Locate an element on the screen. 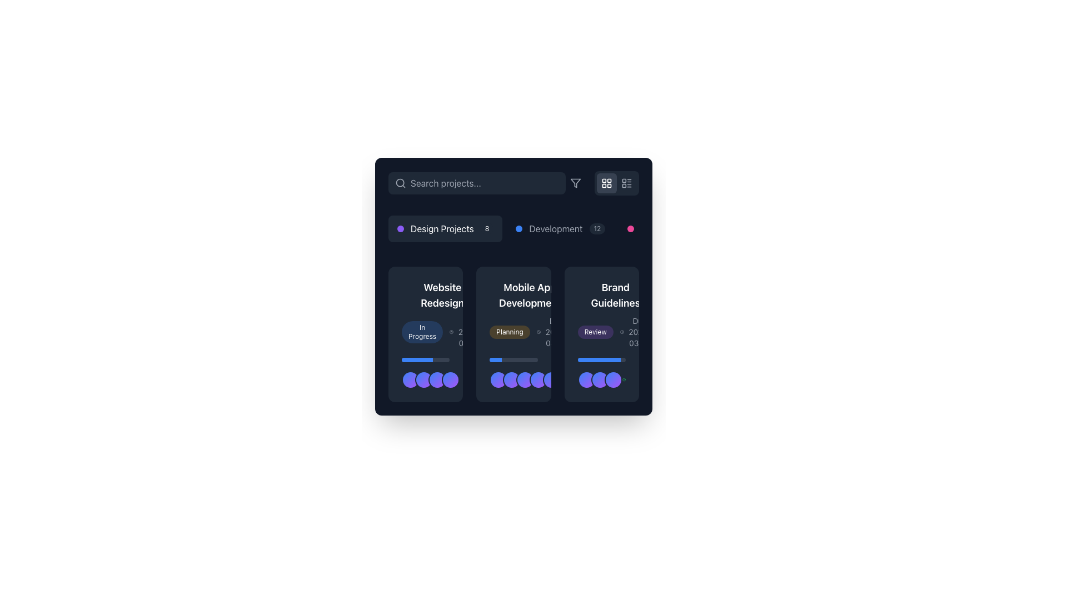 This screenshot has width=1067, height=600. the right icon representing the list view in the horizontal cluster of toggle buttons with a dark gray background to switch to list view is located at coordinates (616, 183).